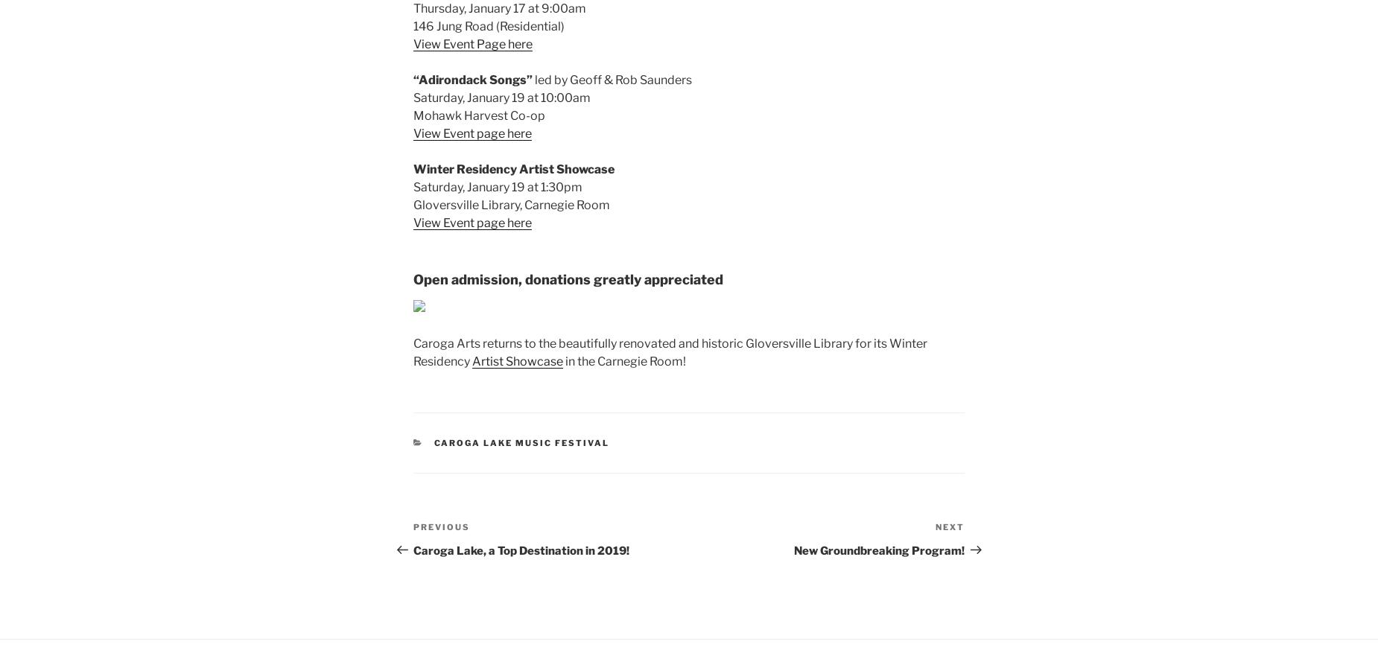  I want to click on 'Winter Residency', so click(466, 168).